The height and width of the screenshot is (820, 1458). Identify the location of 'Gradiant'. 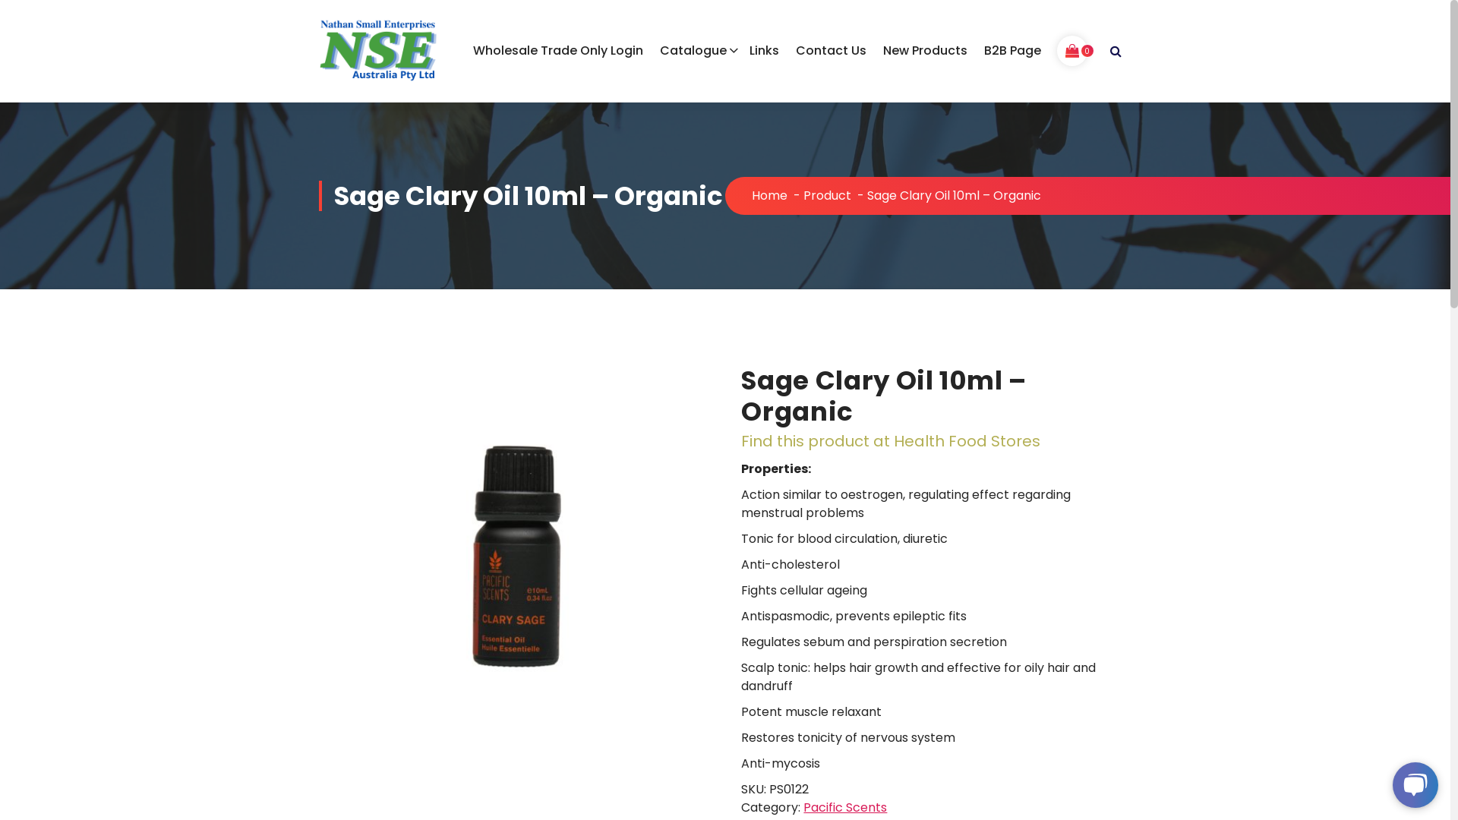
(1104, 793).